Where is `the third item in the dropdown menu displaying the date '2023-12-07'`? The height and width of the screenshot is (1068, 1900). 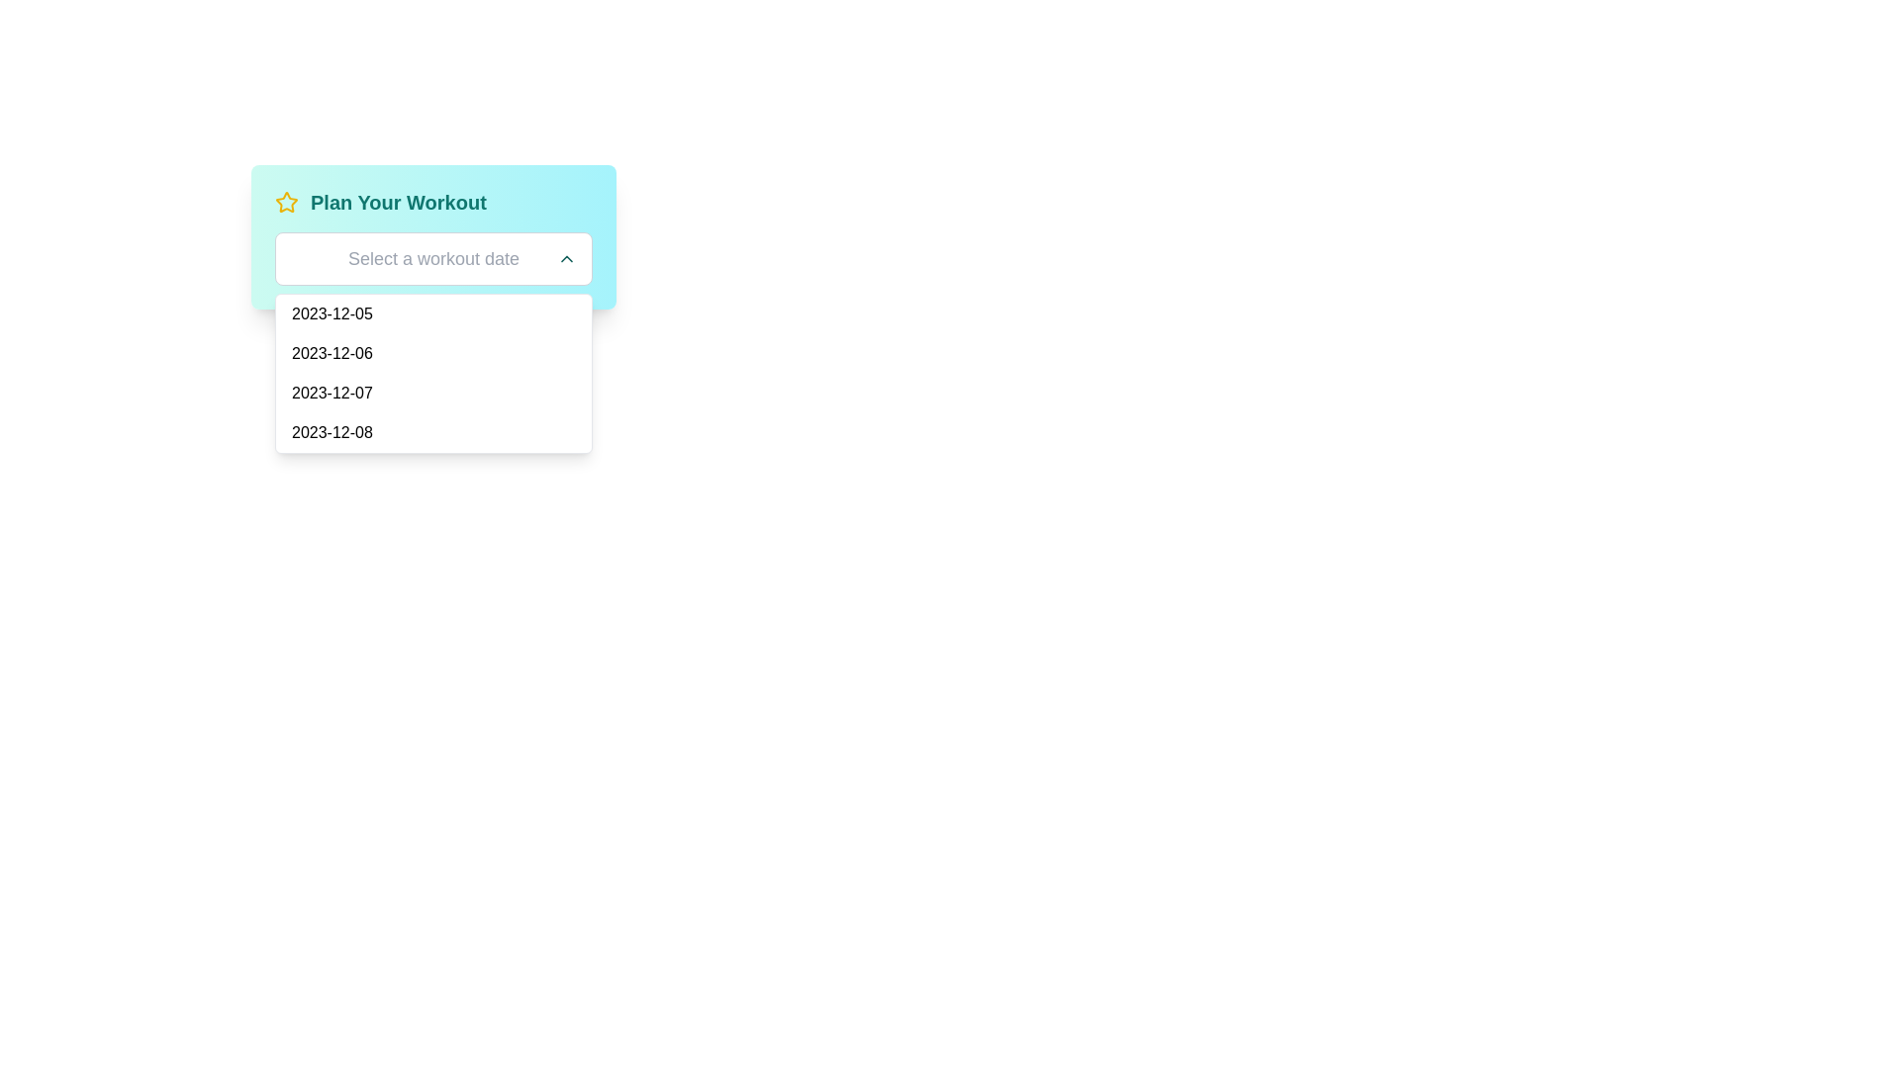 the third item in the dropdown menu displaying the date '2023-12-07' is located at coordinates (432, 393).